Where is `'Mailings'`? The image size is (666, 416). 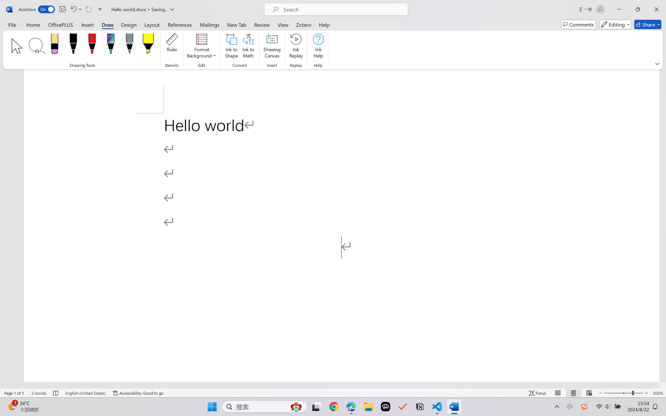 'Mailings' is located at coordinates (210, 24).